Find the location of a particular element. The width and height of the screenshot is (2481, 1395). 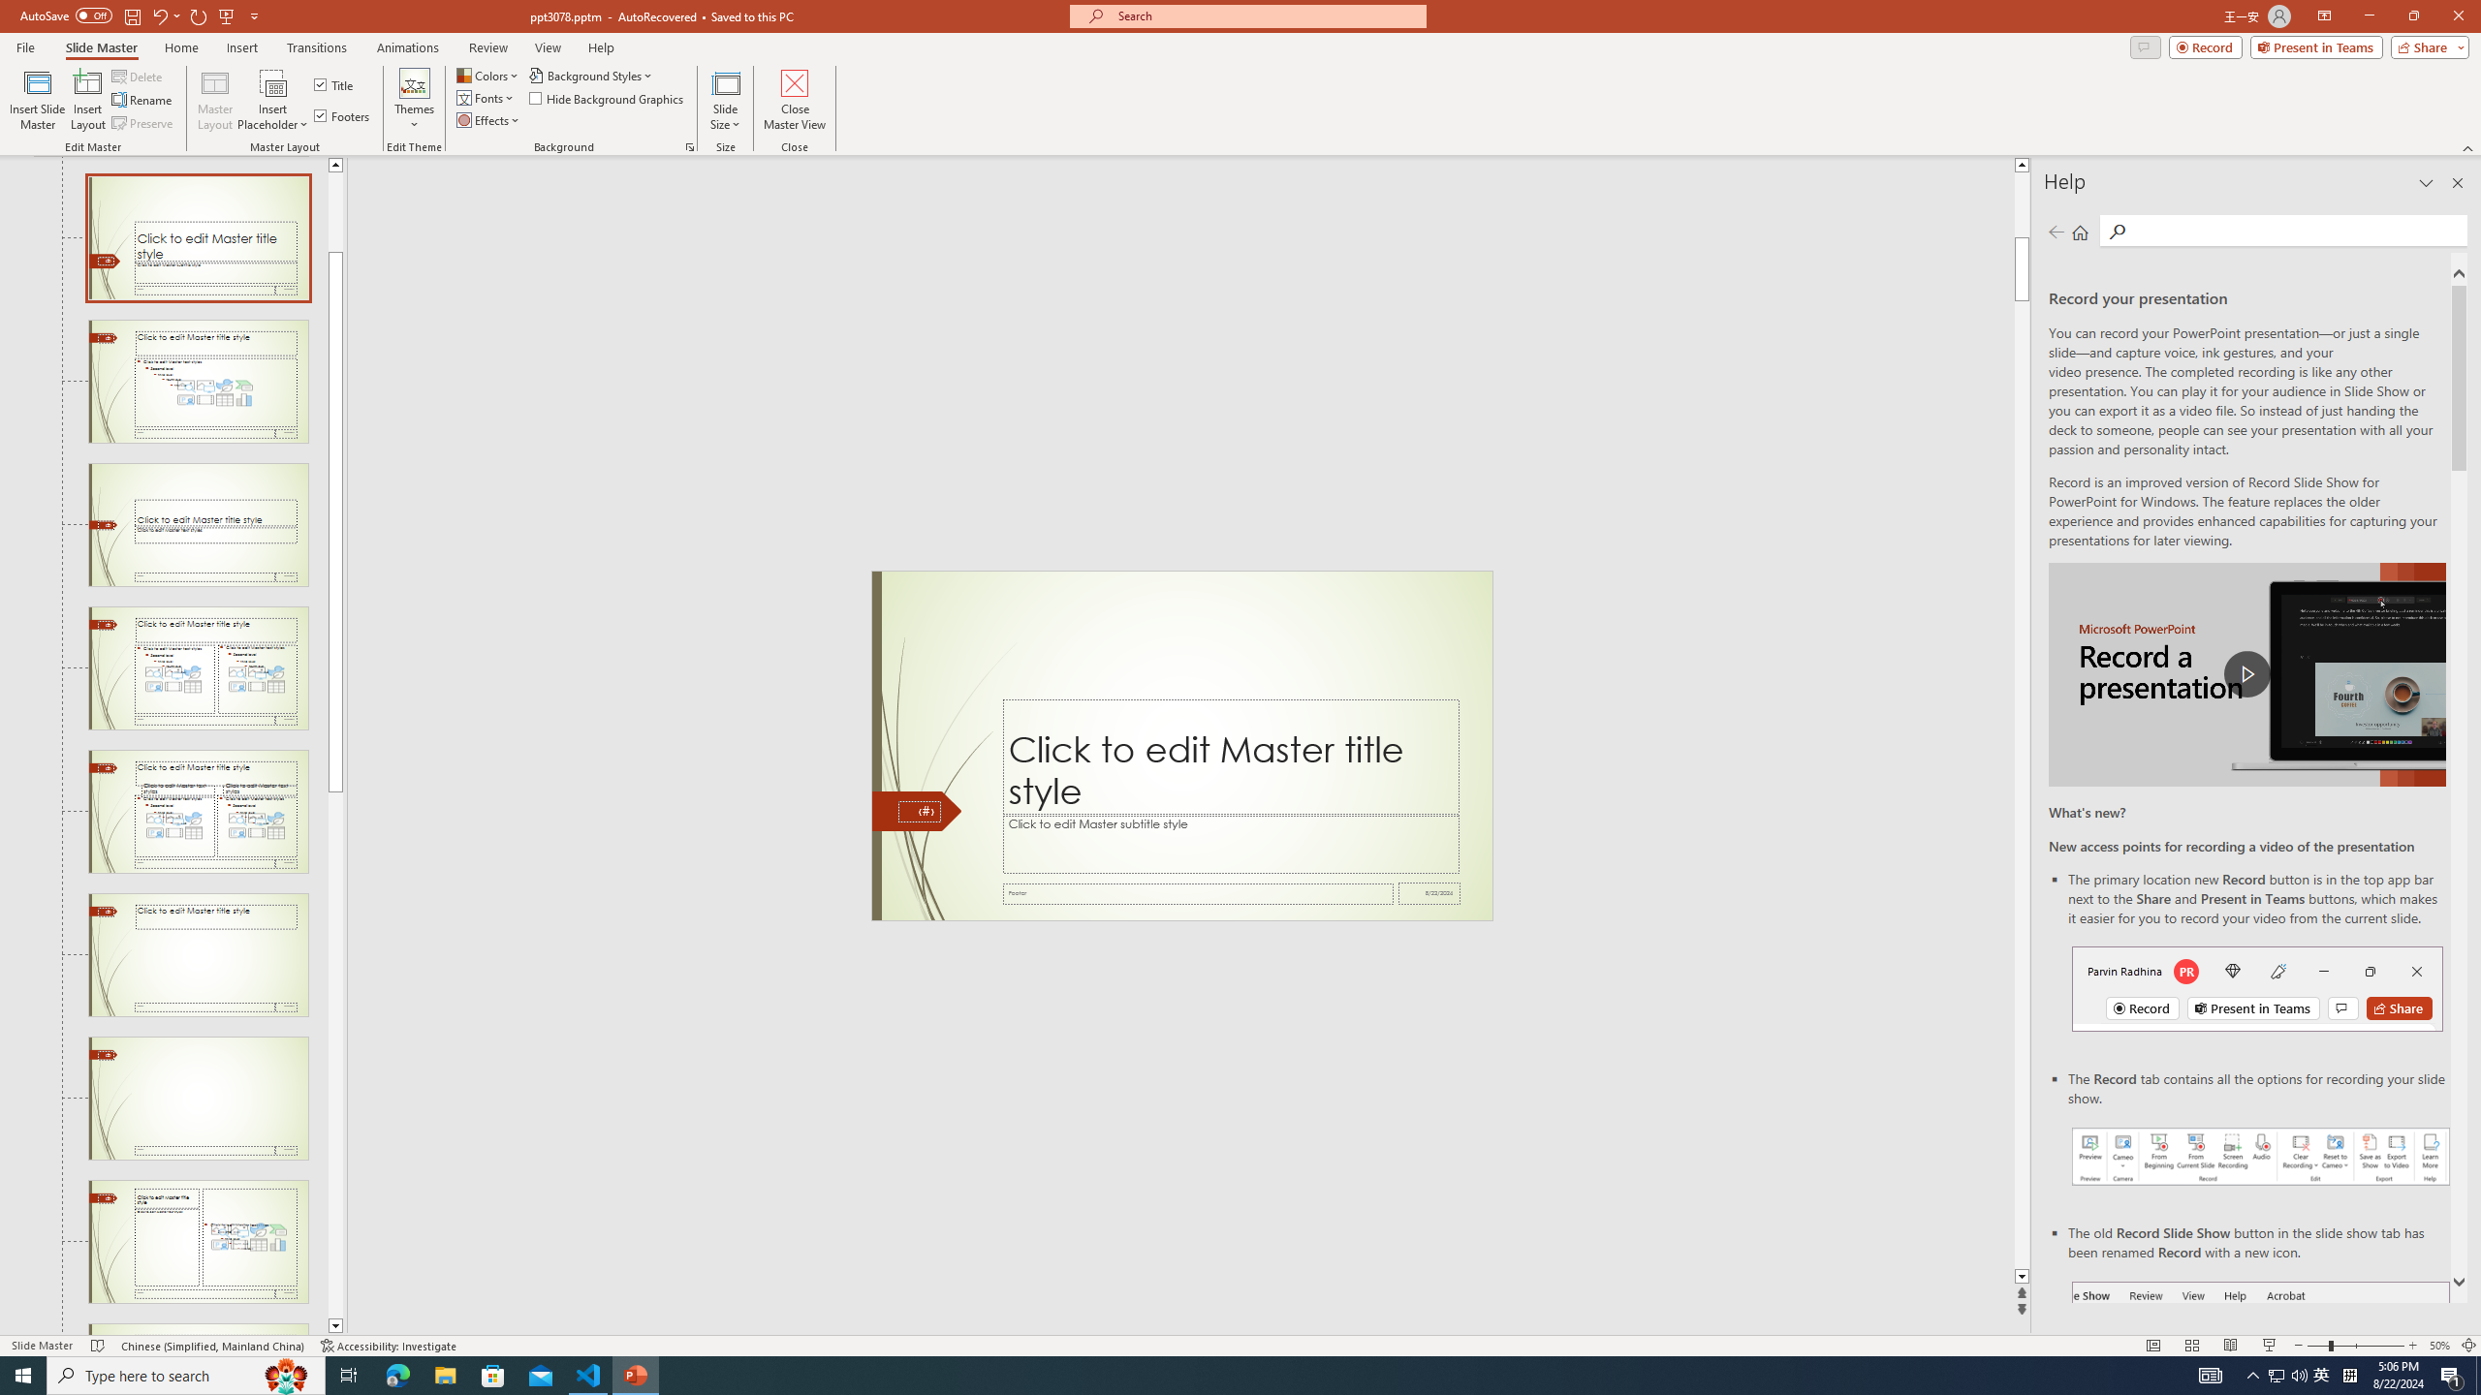

'Close Master View' is located at coordinates (794, 100).